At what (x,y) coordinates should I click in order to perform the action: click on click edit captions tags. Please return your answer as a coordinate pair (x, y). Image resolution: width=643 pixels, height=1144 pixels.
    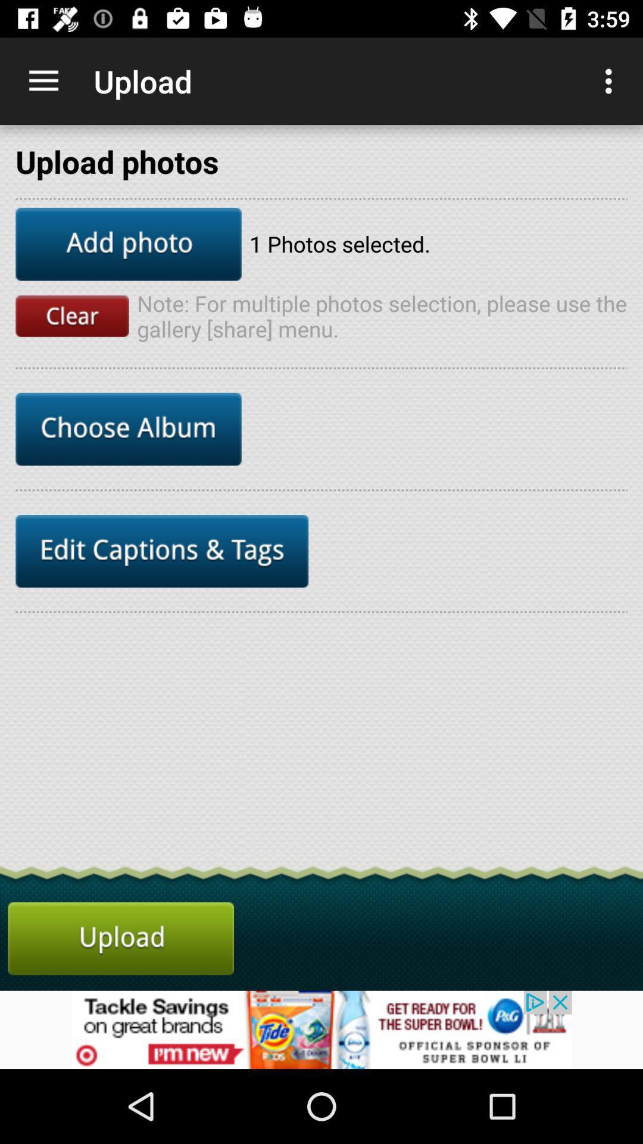
    Looking at the image, I should click on (162, 551).